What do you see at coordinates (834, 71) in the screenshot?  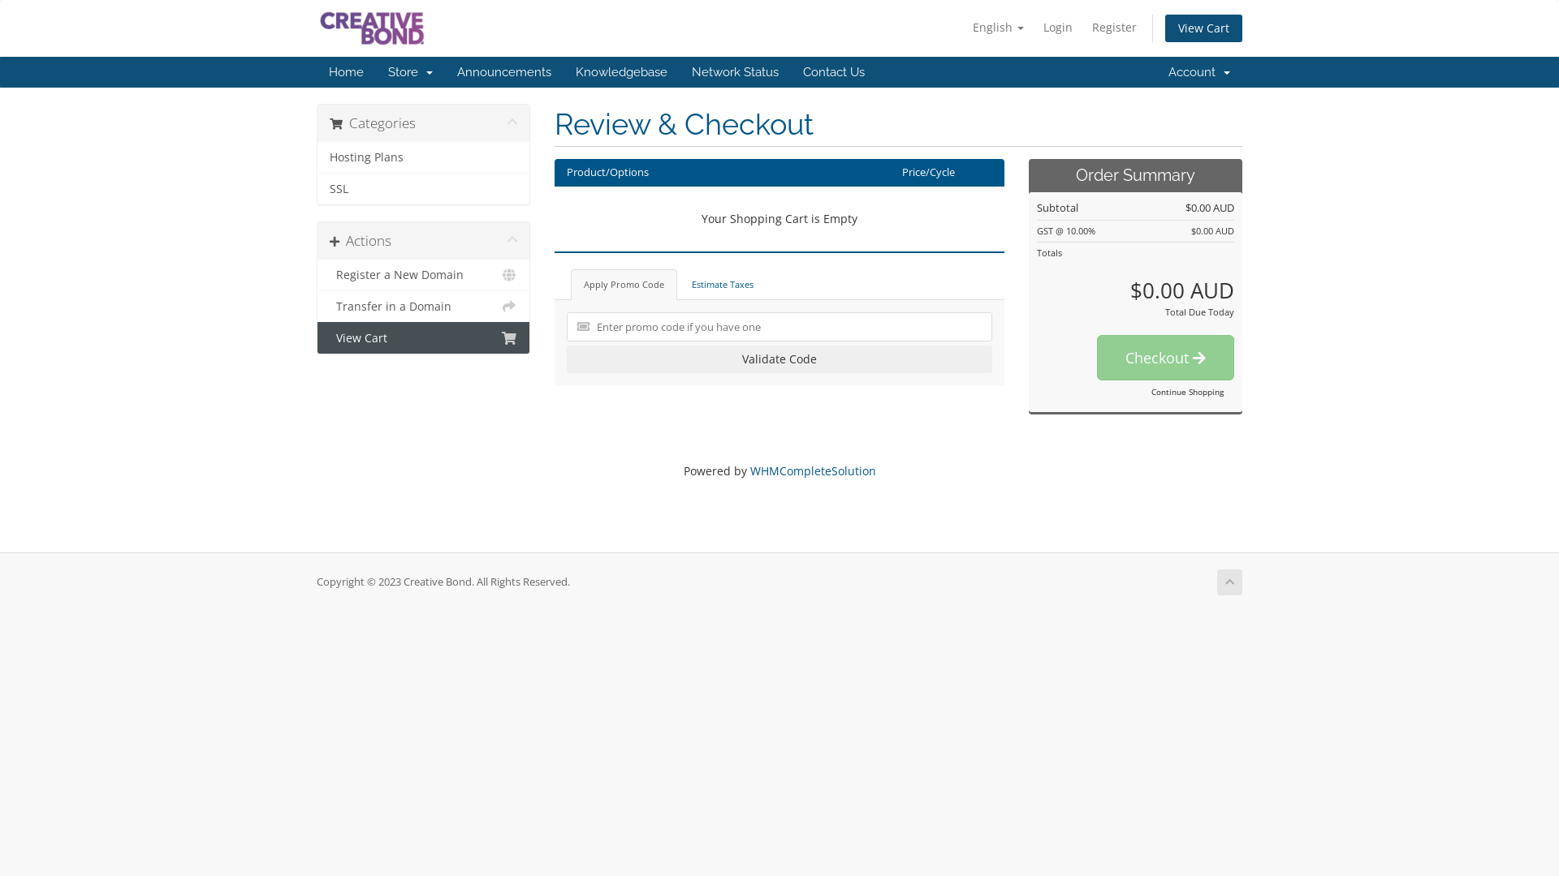 I see `'Contact Us'` at bounding box center [834, 71].